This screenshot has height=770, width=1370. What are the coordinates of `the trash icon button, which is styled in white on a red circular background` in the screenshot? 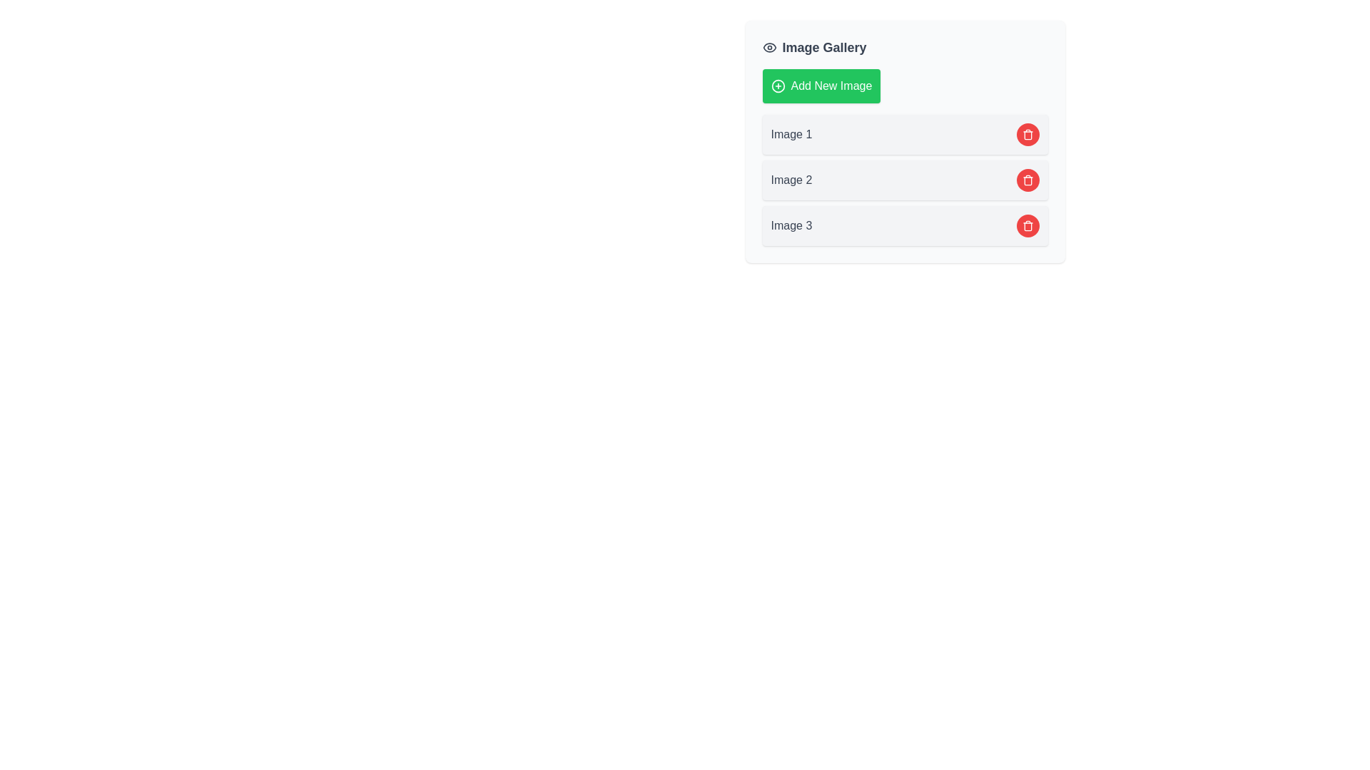 It's located at (1027, 135).